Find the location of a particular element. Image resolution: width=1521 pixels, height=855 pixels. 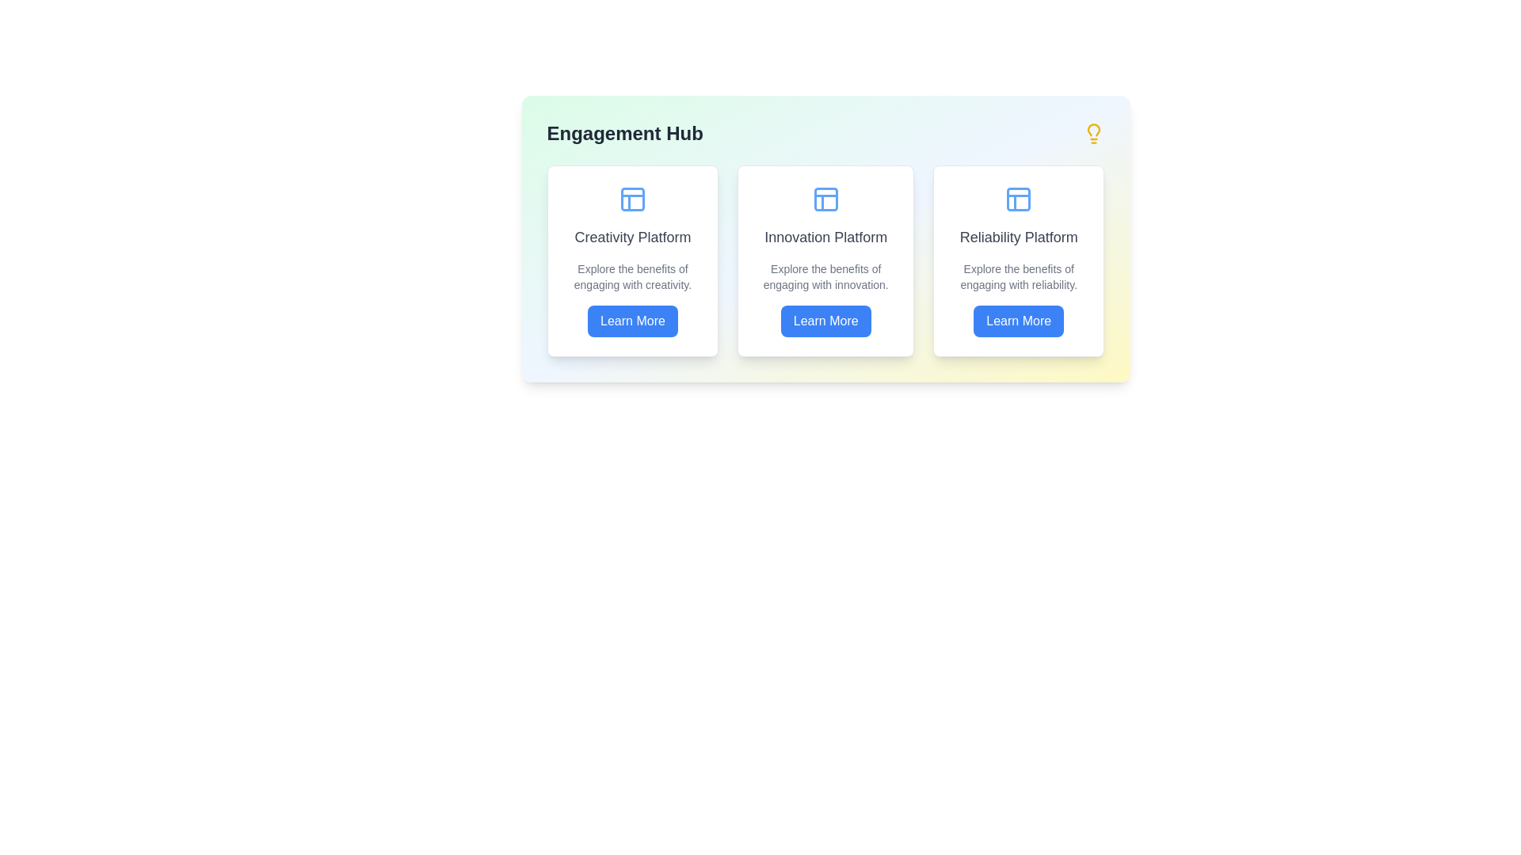

the decorative graphical component within the SVG icon located in the upper-left quadrant of the Creativity Platform card is located at coordinates (631, 198).